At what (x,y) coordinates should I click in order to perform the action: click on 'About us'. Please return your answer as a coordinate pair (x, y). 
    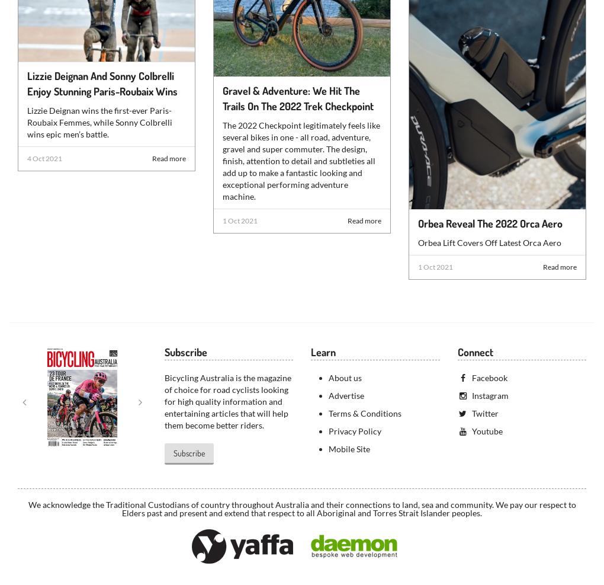
    Looking at the image, I should click on (345, 377).